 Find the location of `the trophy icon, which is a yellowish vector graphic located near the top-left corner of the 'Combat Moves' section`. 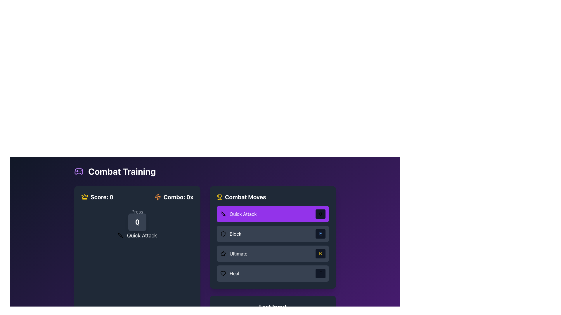

the trophy icon, which is a yellowish vector graphic located near the top-left corner of the 'Combat Moves' section is located at coordinates (219, 196).